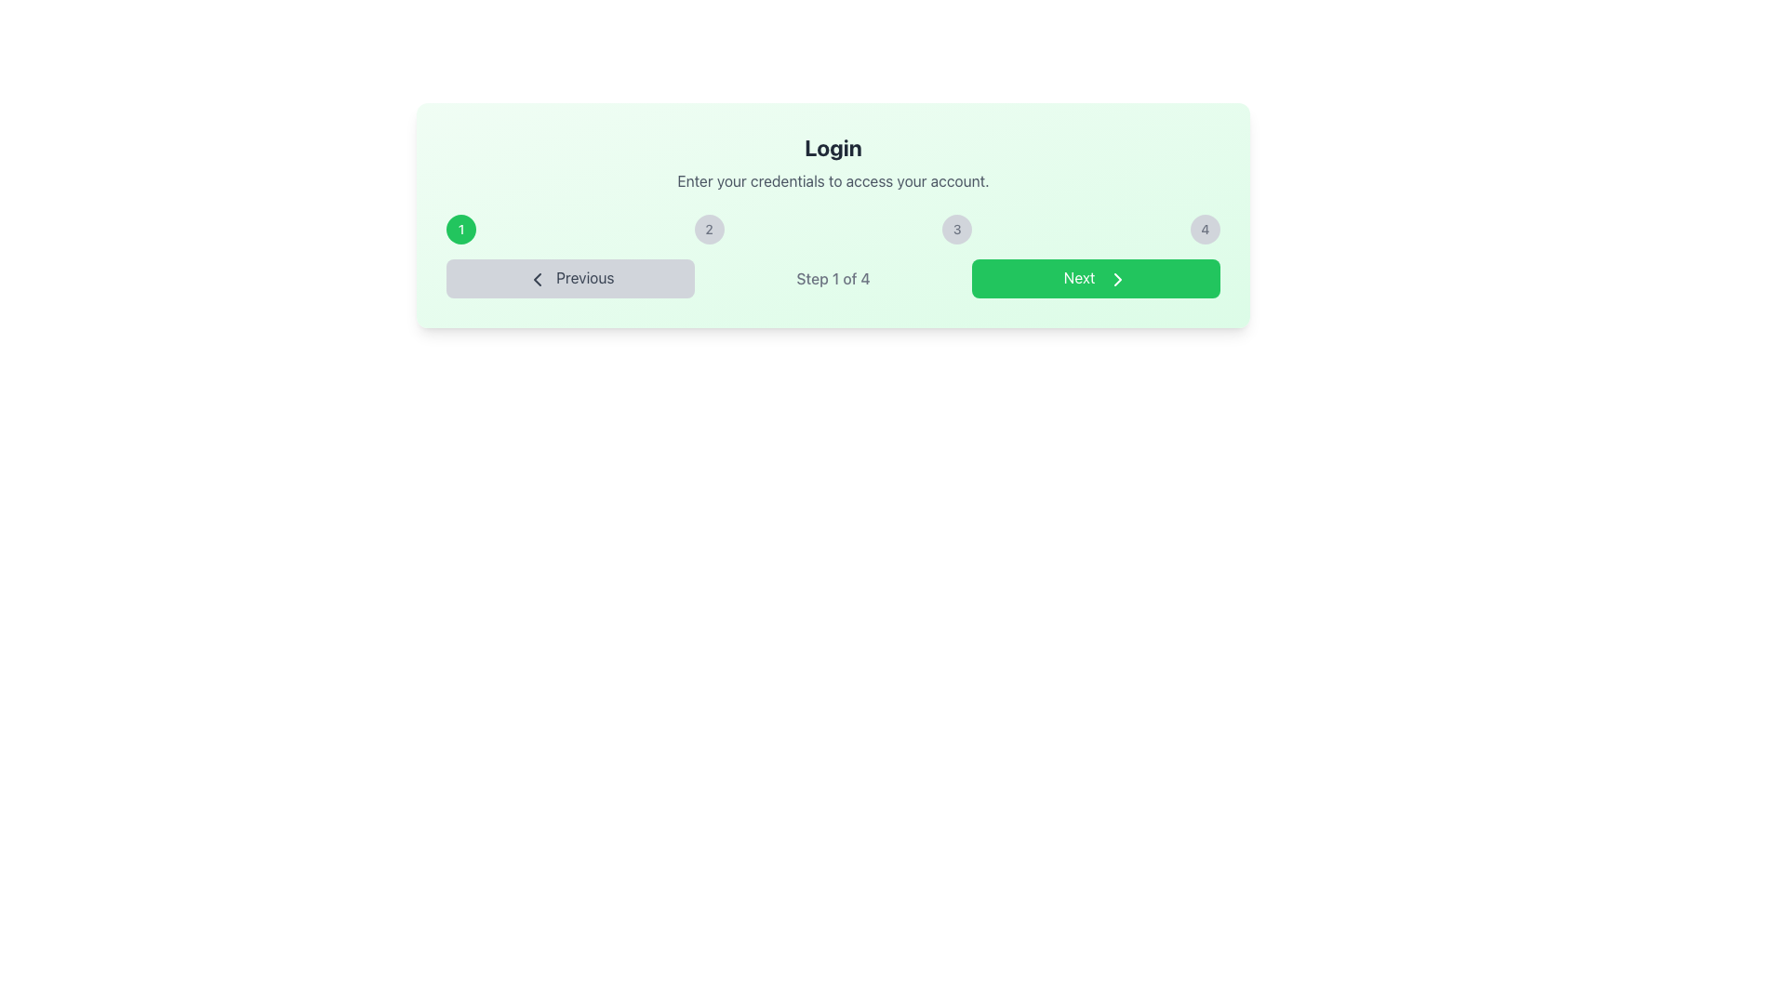 The width and height of the screenshot is (1786, 1004). Describe the element at coordinates (833, 181) in the screenshot. I see `guidance text displayed in the text label that instructs the user to 'Enter your credentials to access your account.'` at that location.